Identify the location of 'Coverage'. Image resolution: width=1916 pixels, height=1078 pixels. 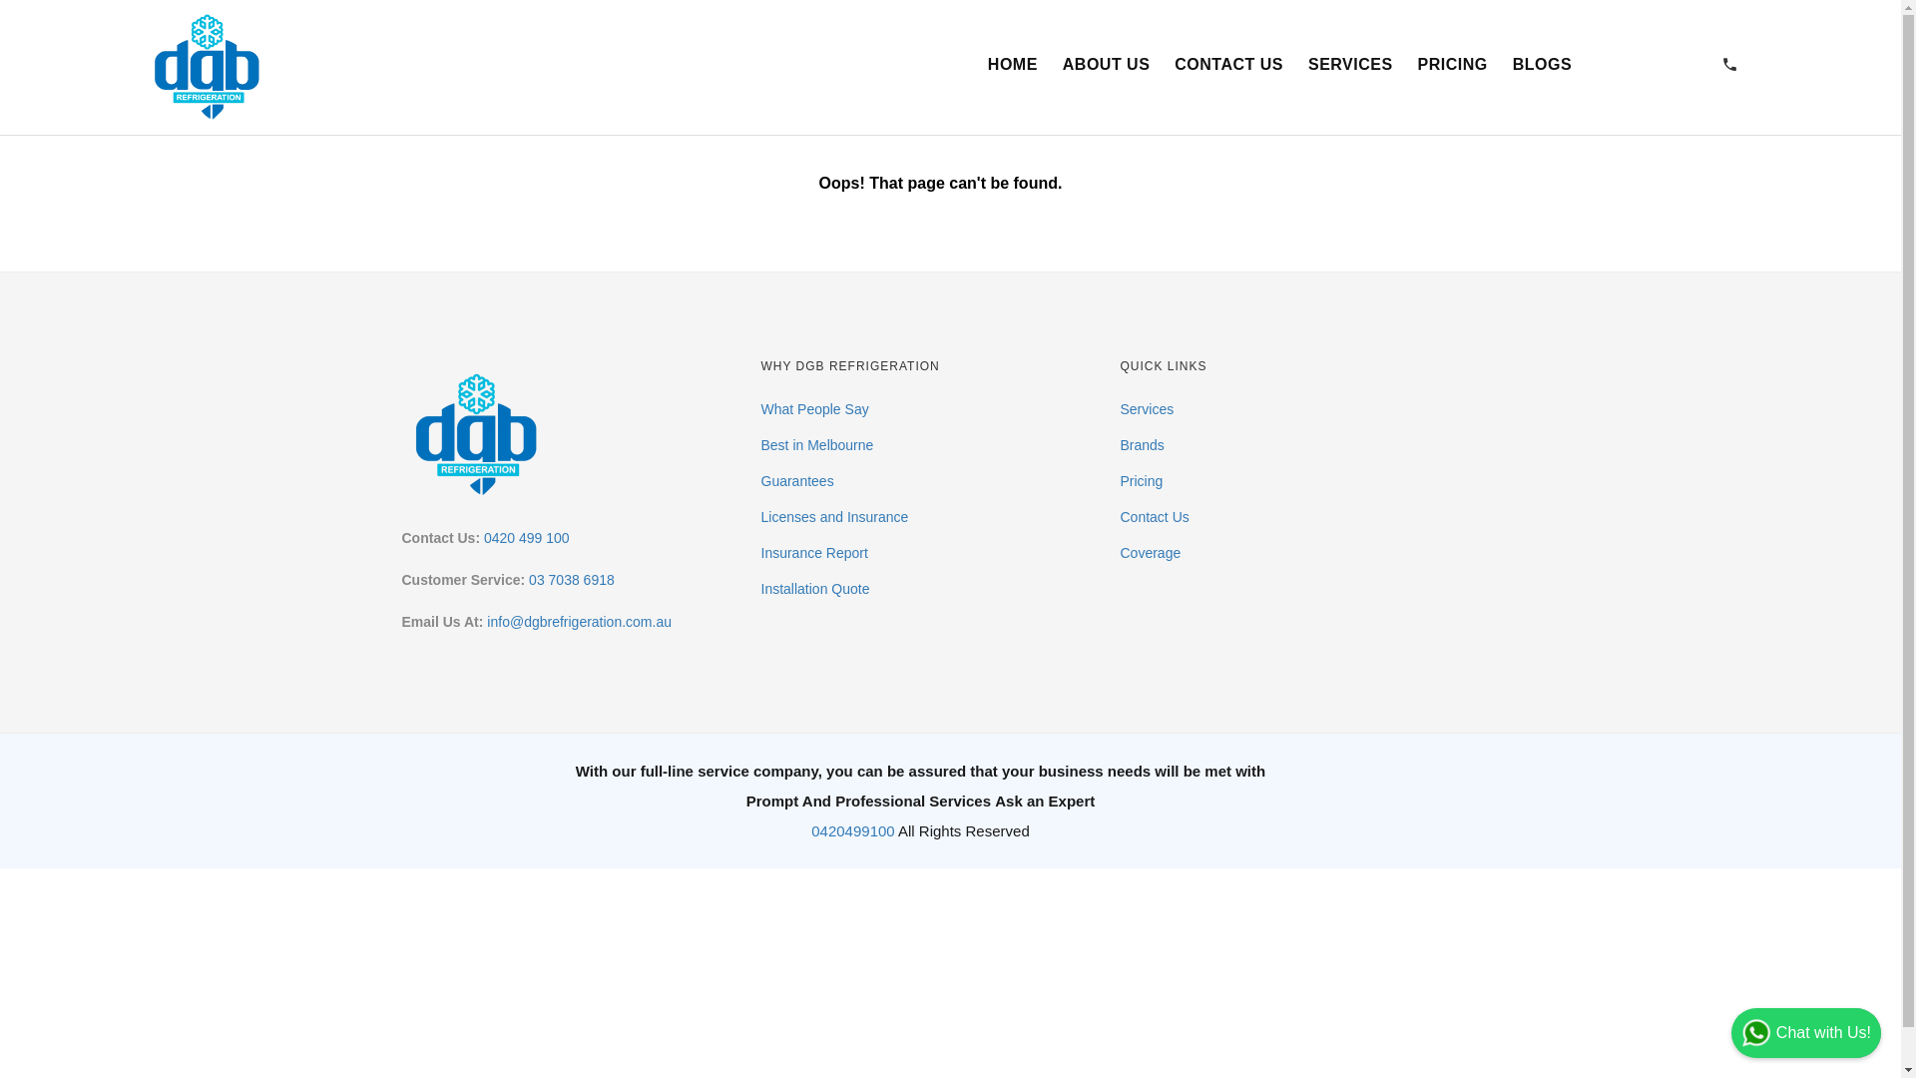
(1150, 553).